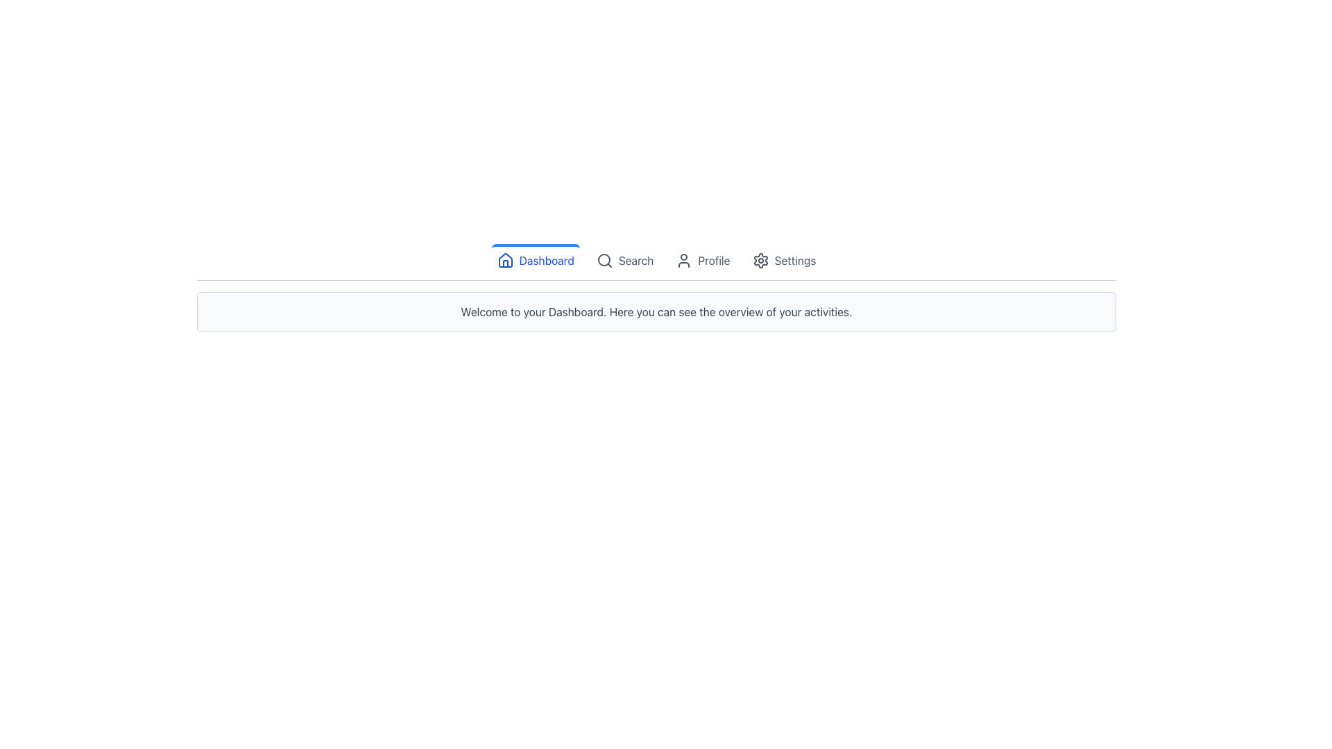  Describe the element at coordinates (604, 259) in the screenshot. I see `the decorative SVG circle representing the lens portion of the search icon in the top navigation bar, which is aligned with other icons such as 'Dashboard' and 'Settings'` at that location.